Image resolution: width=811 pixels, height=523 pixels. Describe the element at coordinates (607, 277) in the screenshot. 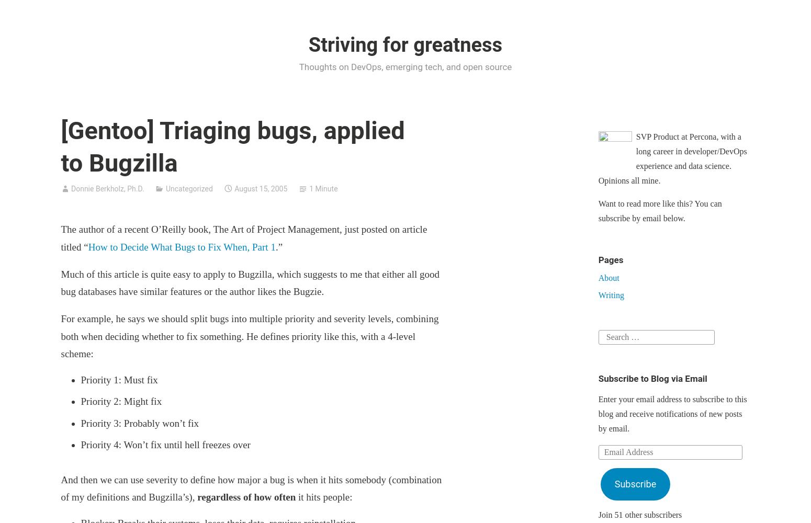

I see `'About'` at that location.